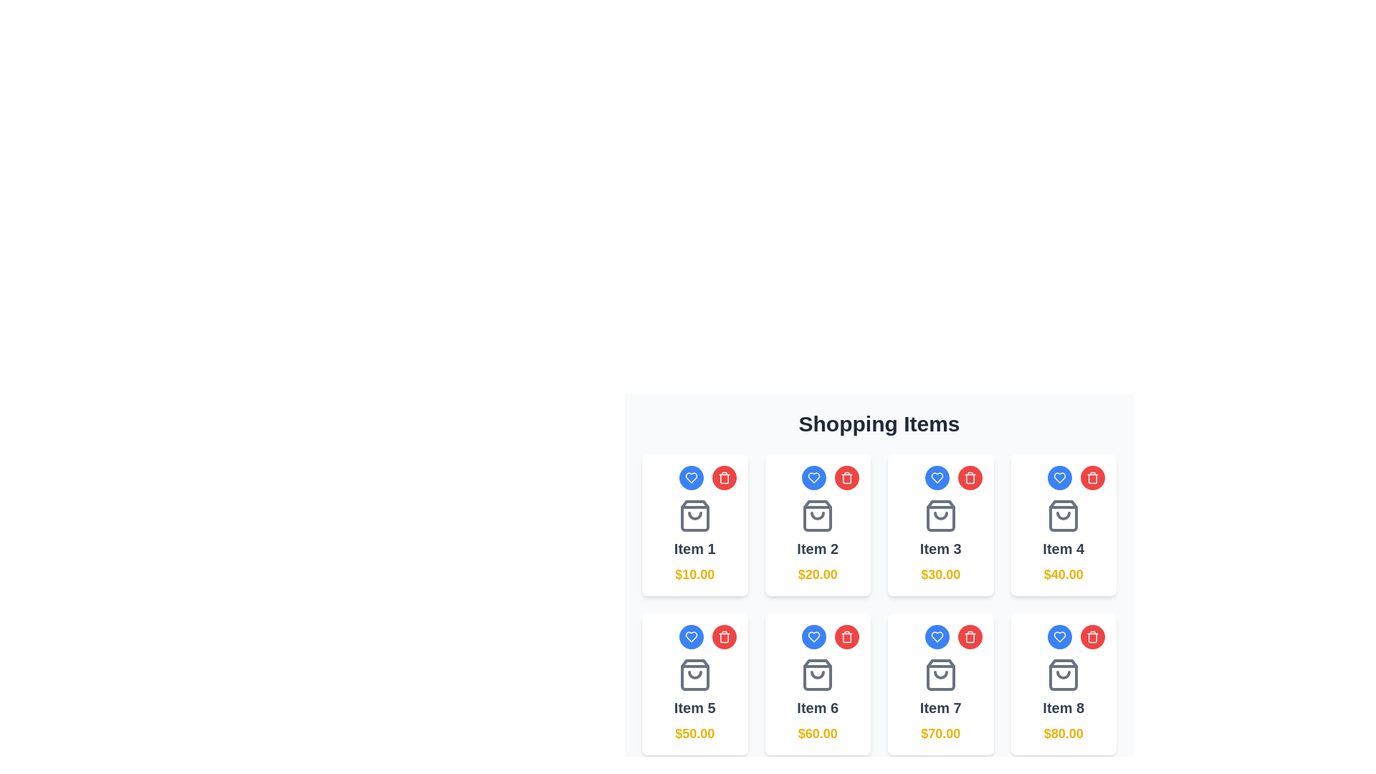 The width and height of the screenshot is (1376, 774). What do you see at coordinates (937, 636) in the screenshot?
I see `the blue circular icon button located at the top left corner of the section for 'Item 7' in the shopping items grid` at bounding box center [937, 636].